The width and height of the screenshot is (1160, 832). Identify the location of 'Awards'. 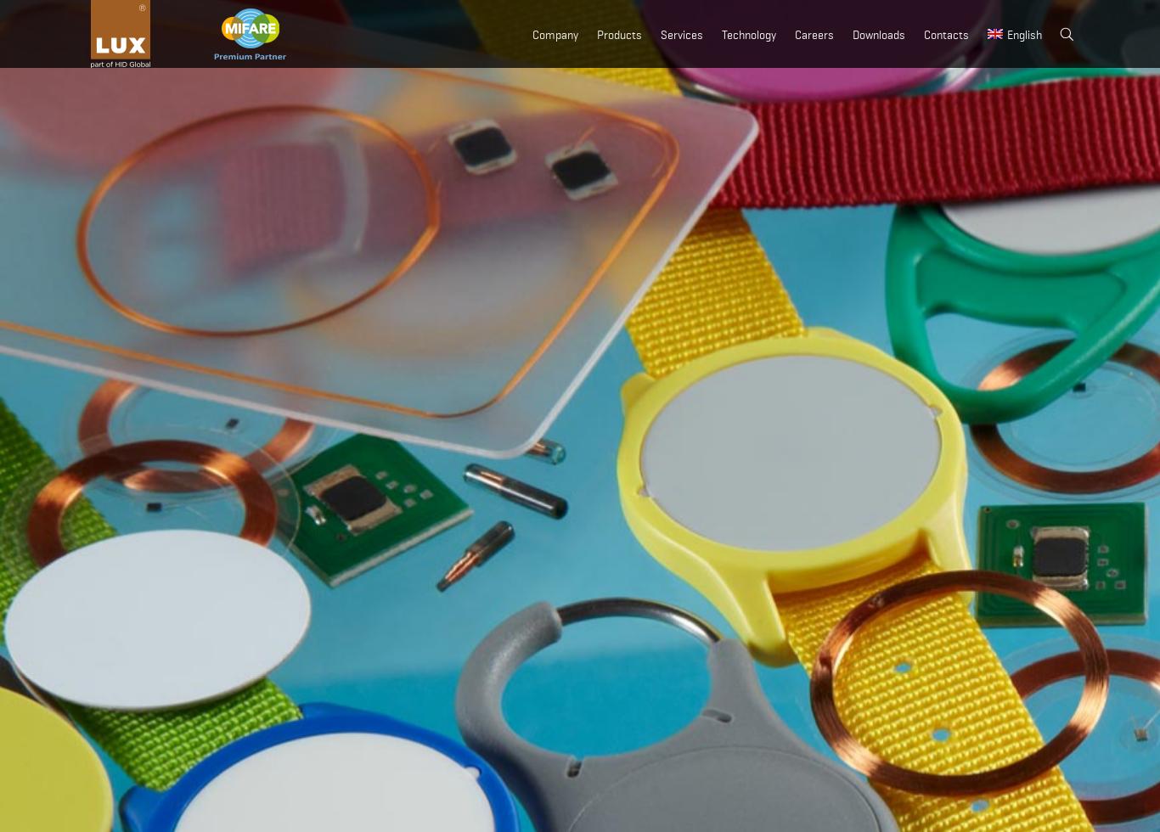
(563, 233).